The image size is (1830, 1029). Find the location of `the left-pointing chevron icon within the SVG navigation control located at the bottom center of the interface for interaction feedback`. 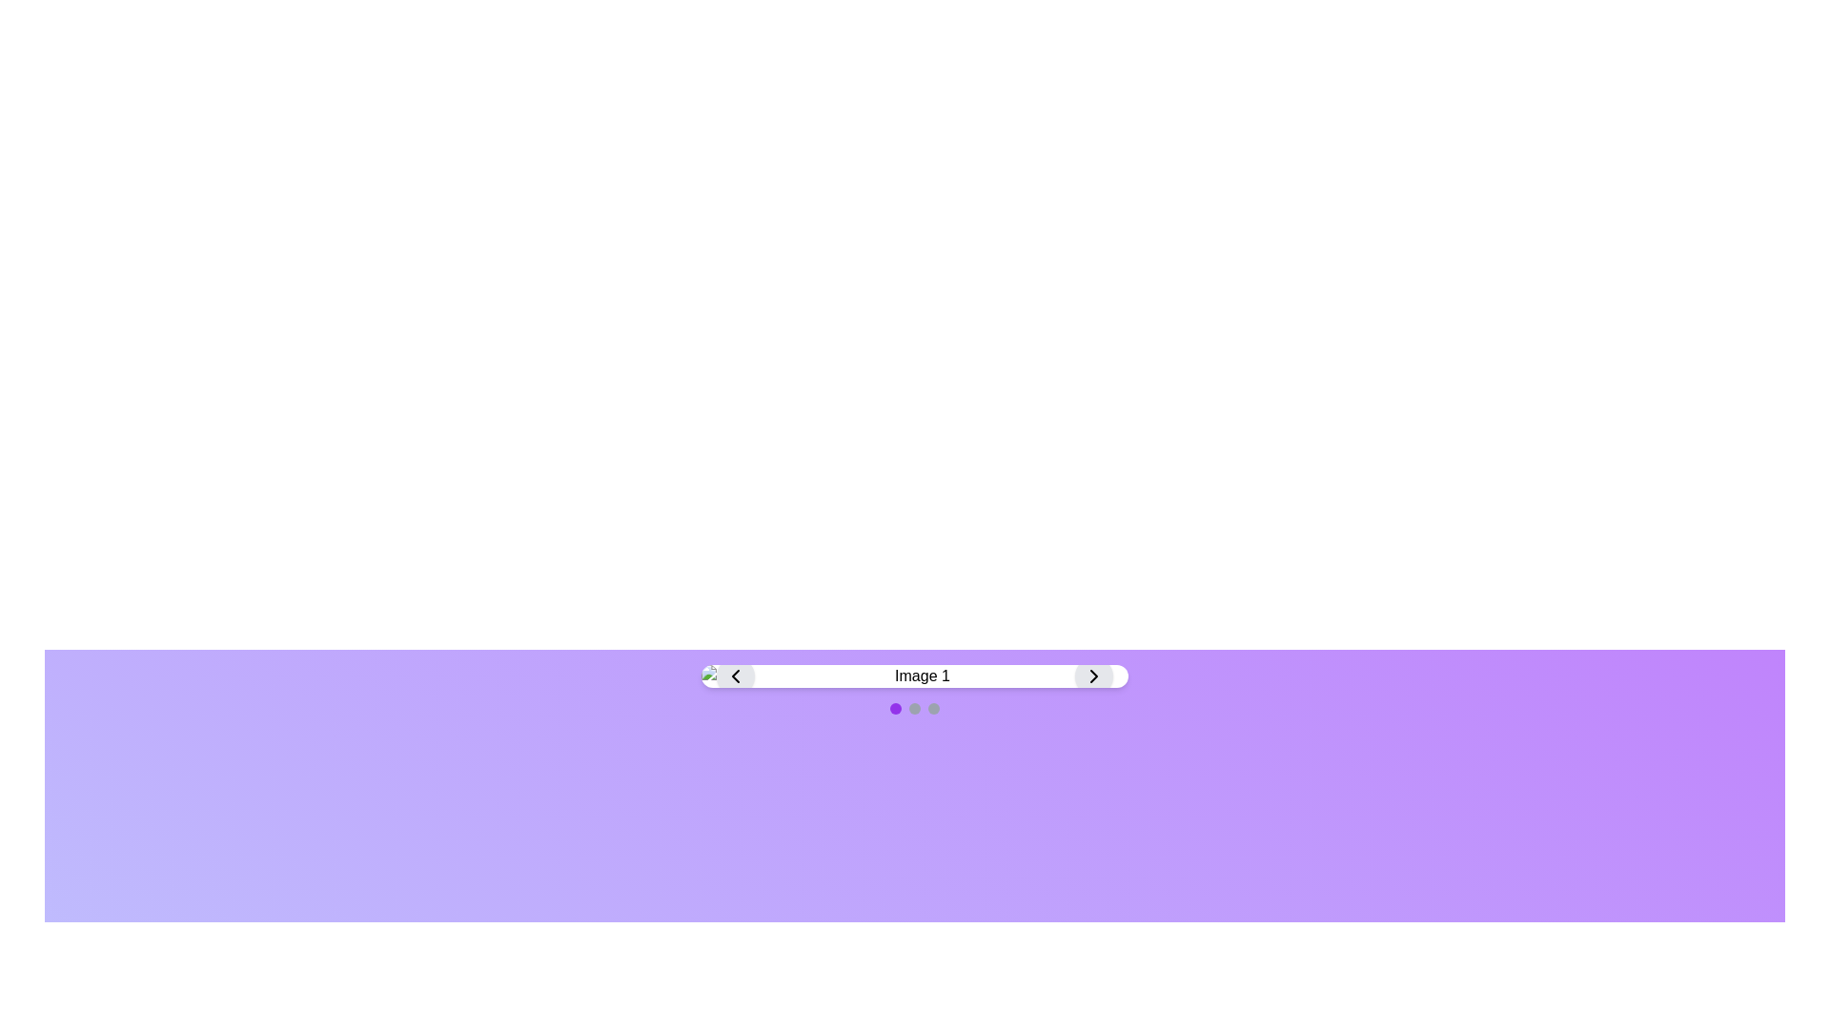

the left-pointing chevron icon within the SVG navigation control located at the bottom center of the interface for interaction feedback is located at coordinates (735, 675).